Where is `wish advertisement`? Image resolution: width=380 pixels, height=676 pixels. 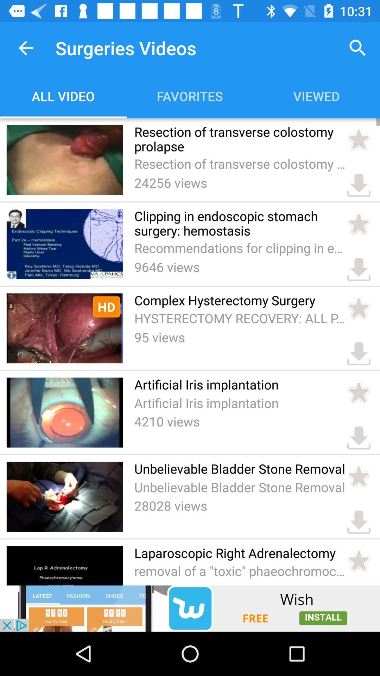 wish advertisement is located at coordinates (190, 608).